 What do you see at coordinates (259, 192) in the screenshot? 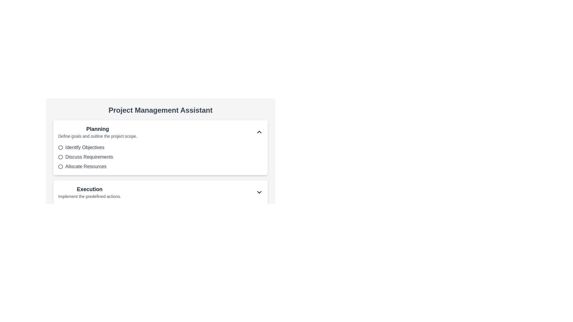
I see `the chevron icon located at the far right of the 'Execution' section header to observe its hover state` at bounding box center [259, 192].